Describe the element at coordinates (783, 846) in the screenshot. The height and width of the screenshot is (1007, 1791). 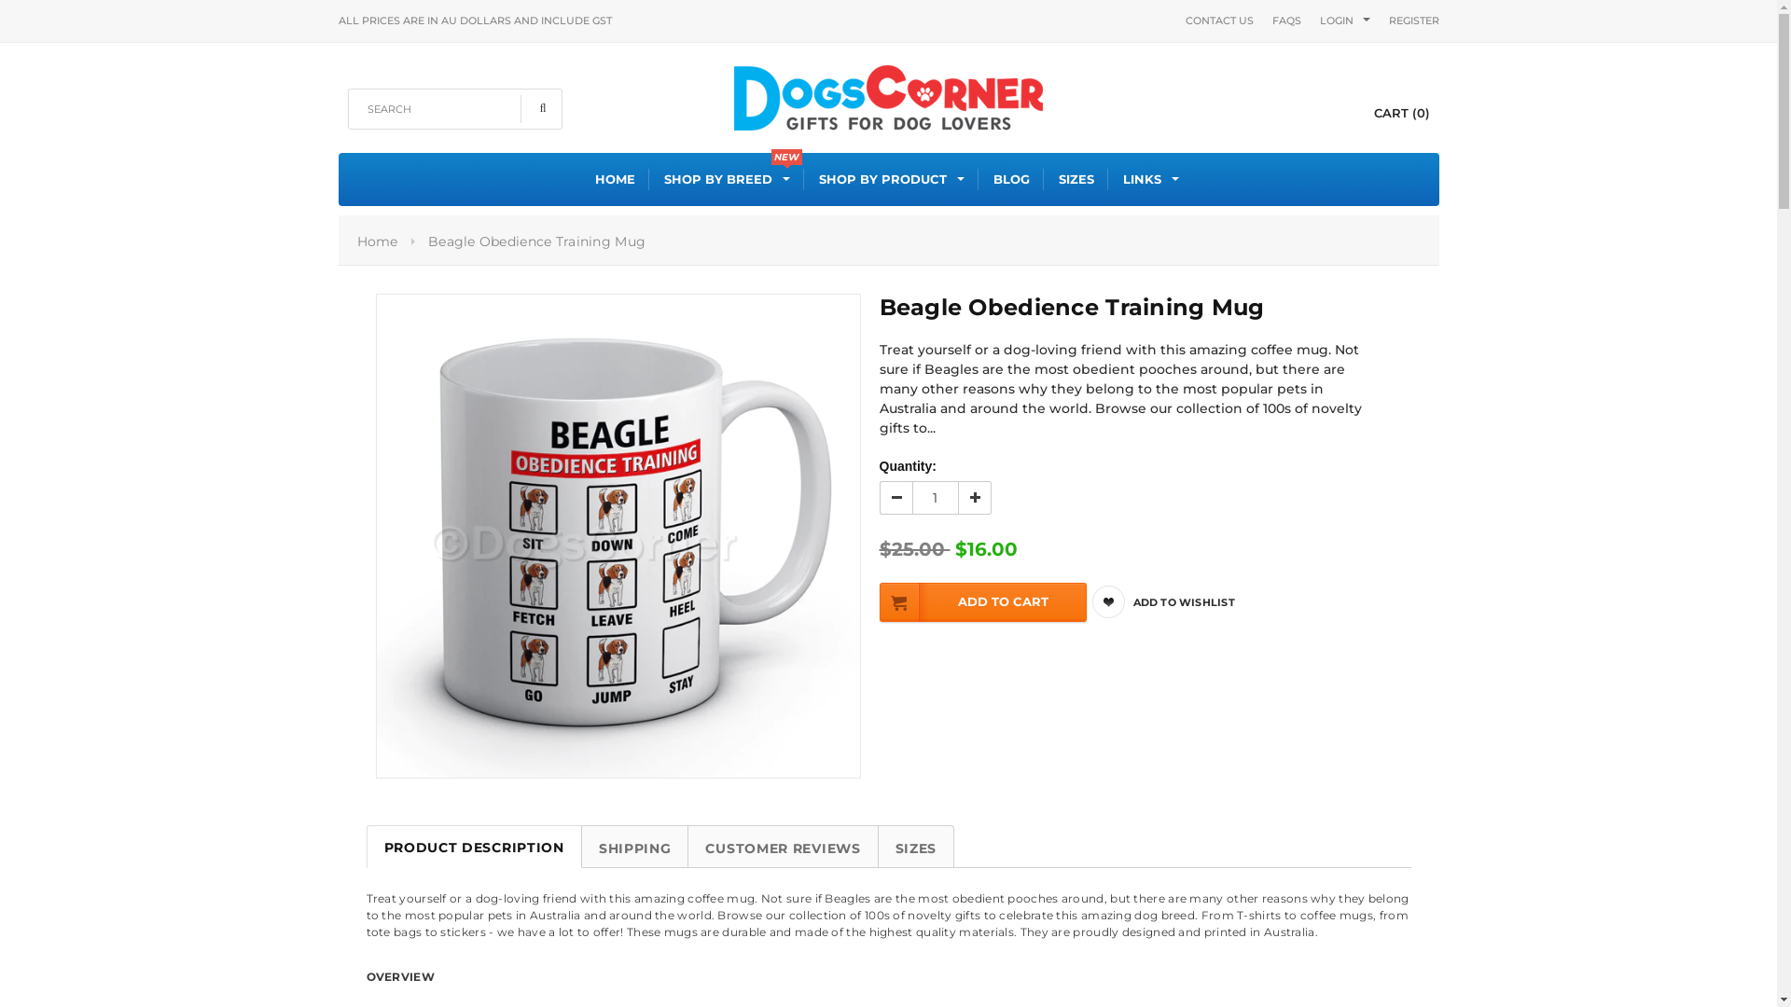
I see `'CUSTOMER REVIEWS'` at that location.